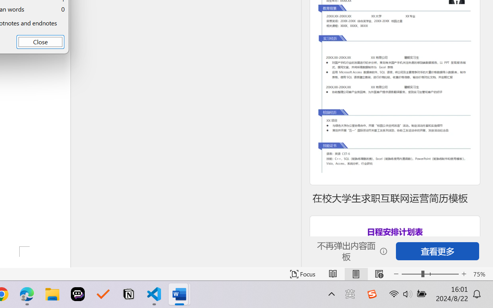 Image resolution: width=493 pixels, height=308 pixels. Describe the element at coordinates (372, 294) in the screenshot. I see `'Class: Image'` at that location.